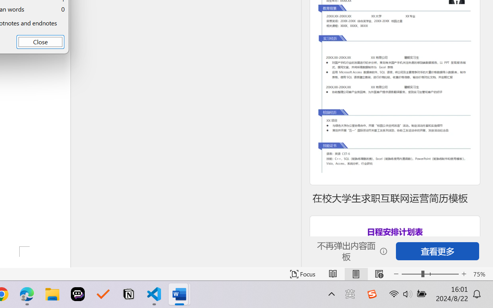 Image resolution: width=493 pixels, height=308 pixels. Describe the element at coordinates (372, 294) in the screenshot. I see `'Class: Image'` at that location.